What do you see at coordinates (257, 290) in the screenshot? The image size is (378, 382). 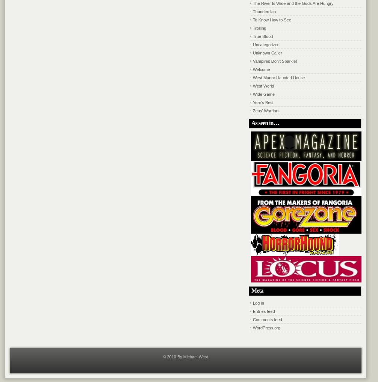 I see `'Meta'` at bounding box center [257, 290].